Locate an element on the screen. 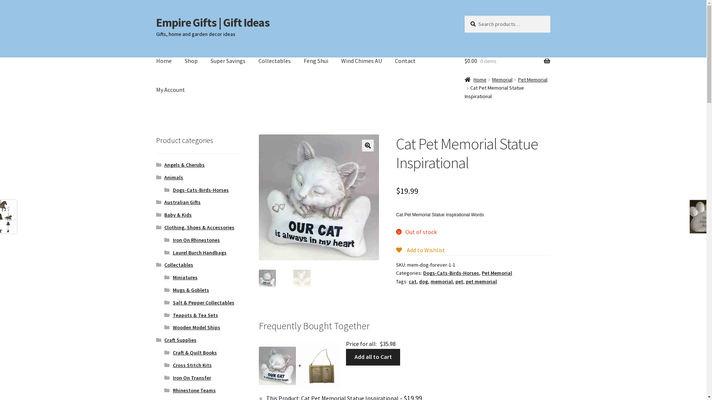  'pet' is located at coordinates (455, 281).